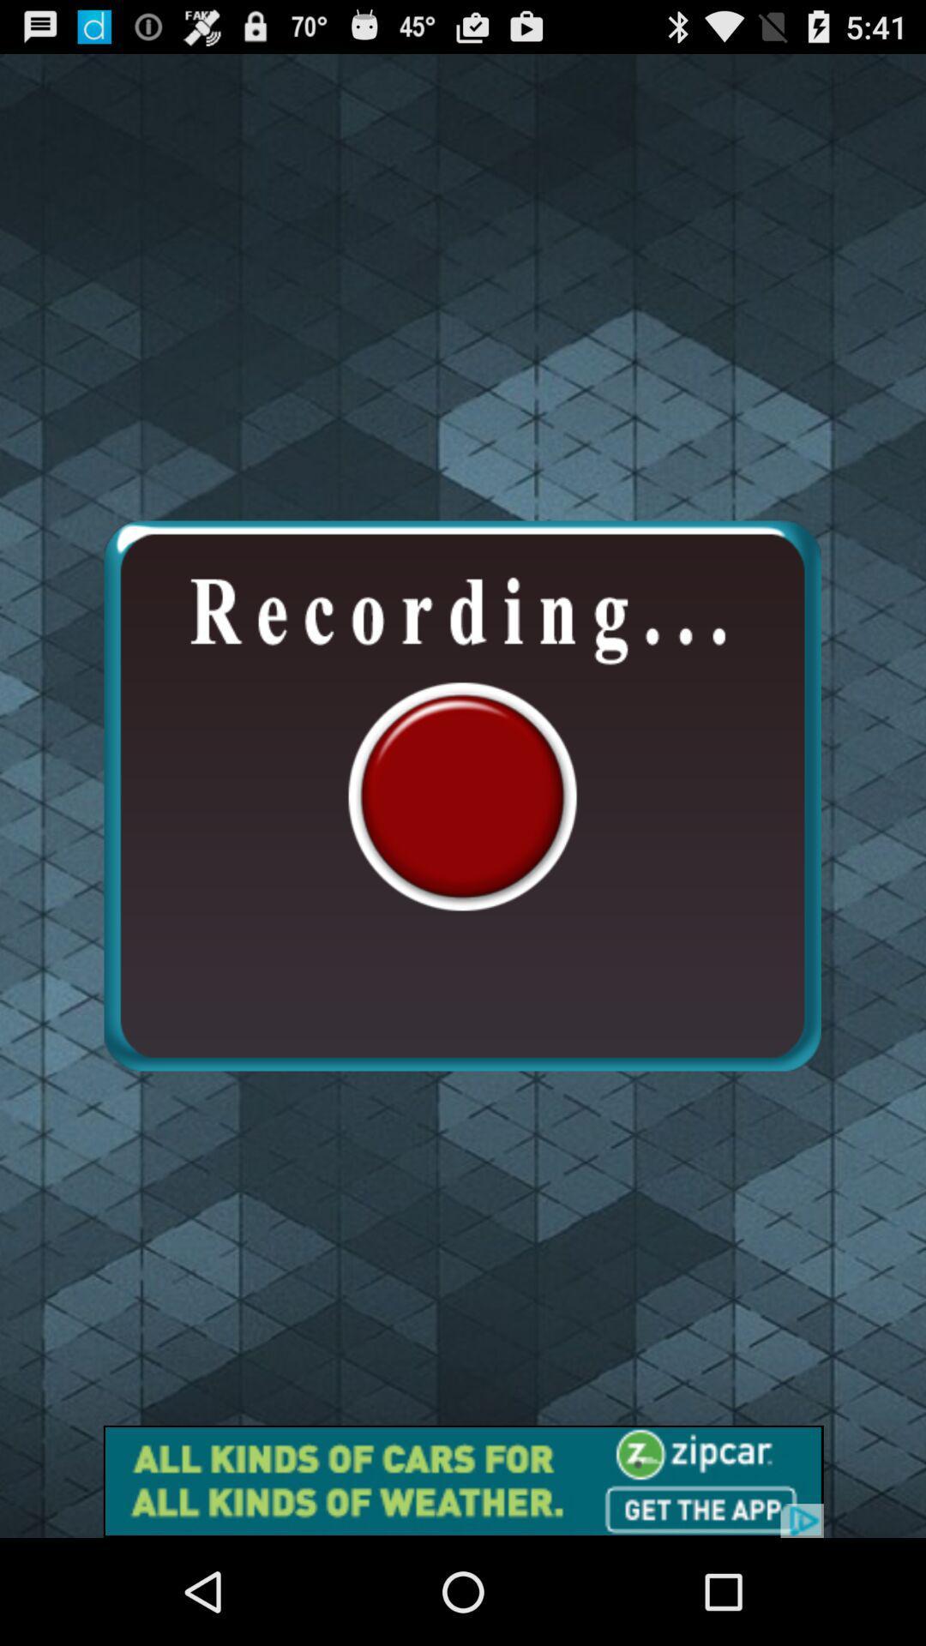  What do you see at coordinates (461, 795) in the screenshot?
I see `recording` at bounding box center [461, 795].